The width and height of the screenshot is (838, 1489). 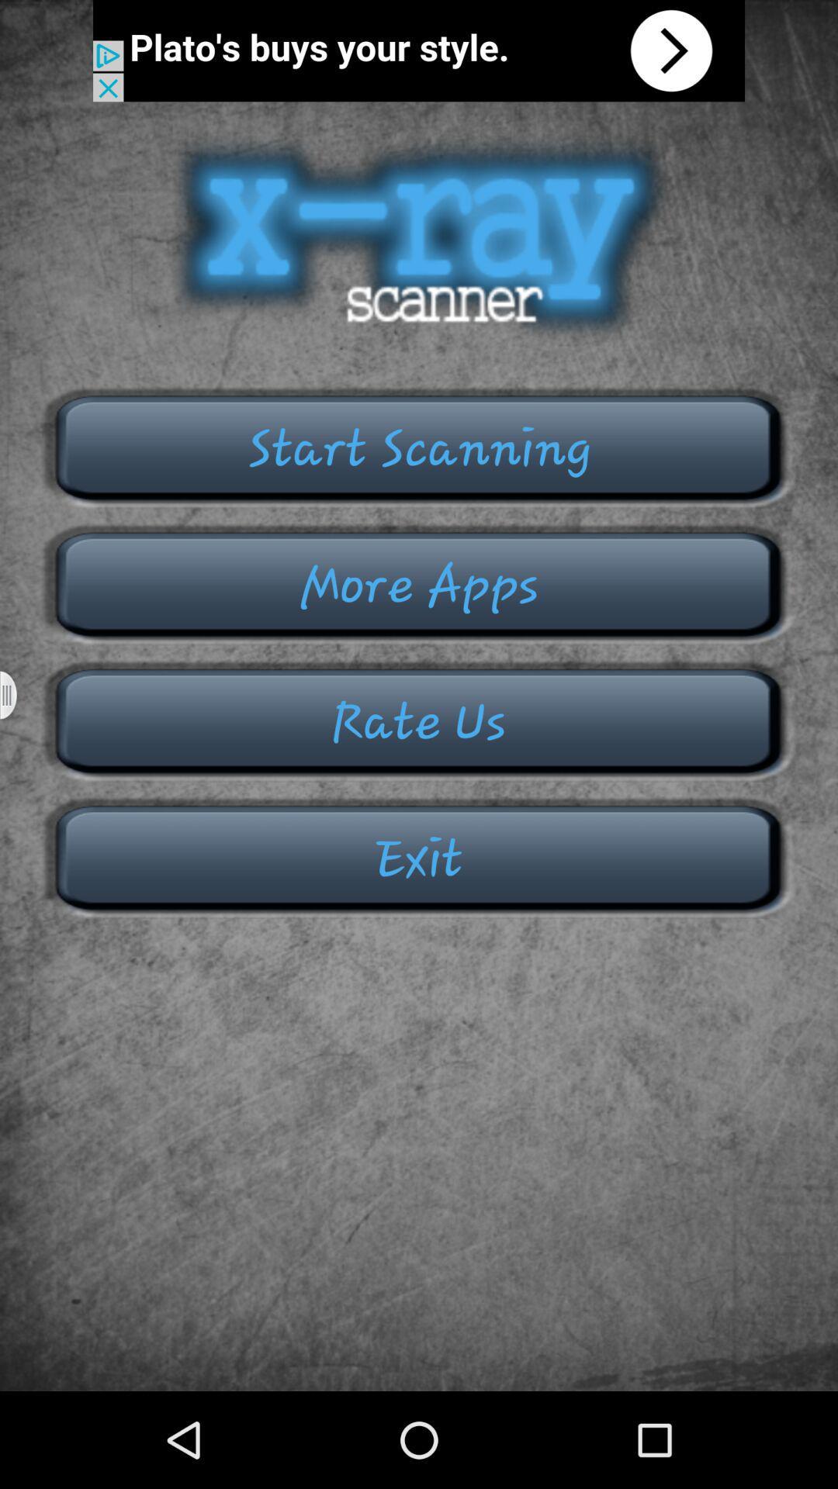 I want to click on go back, so click(x=419, y=50).